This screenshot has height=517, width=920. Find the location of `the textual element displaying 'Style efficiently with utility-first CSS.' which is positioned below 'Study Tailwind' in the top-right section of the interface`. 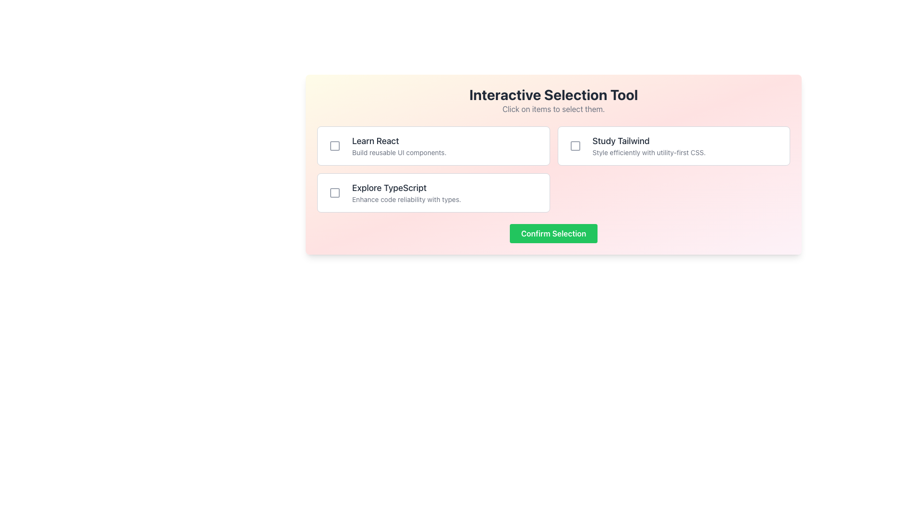

the textual element displaying 'Style efficiently with utility-first CSS.' which is positioned below 'Study Tailwind' in the top-right section of the interface is located at coordinates (649, 152).